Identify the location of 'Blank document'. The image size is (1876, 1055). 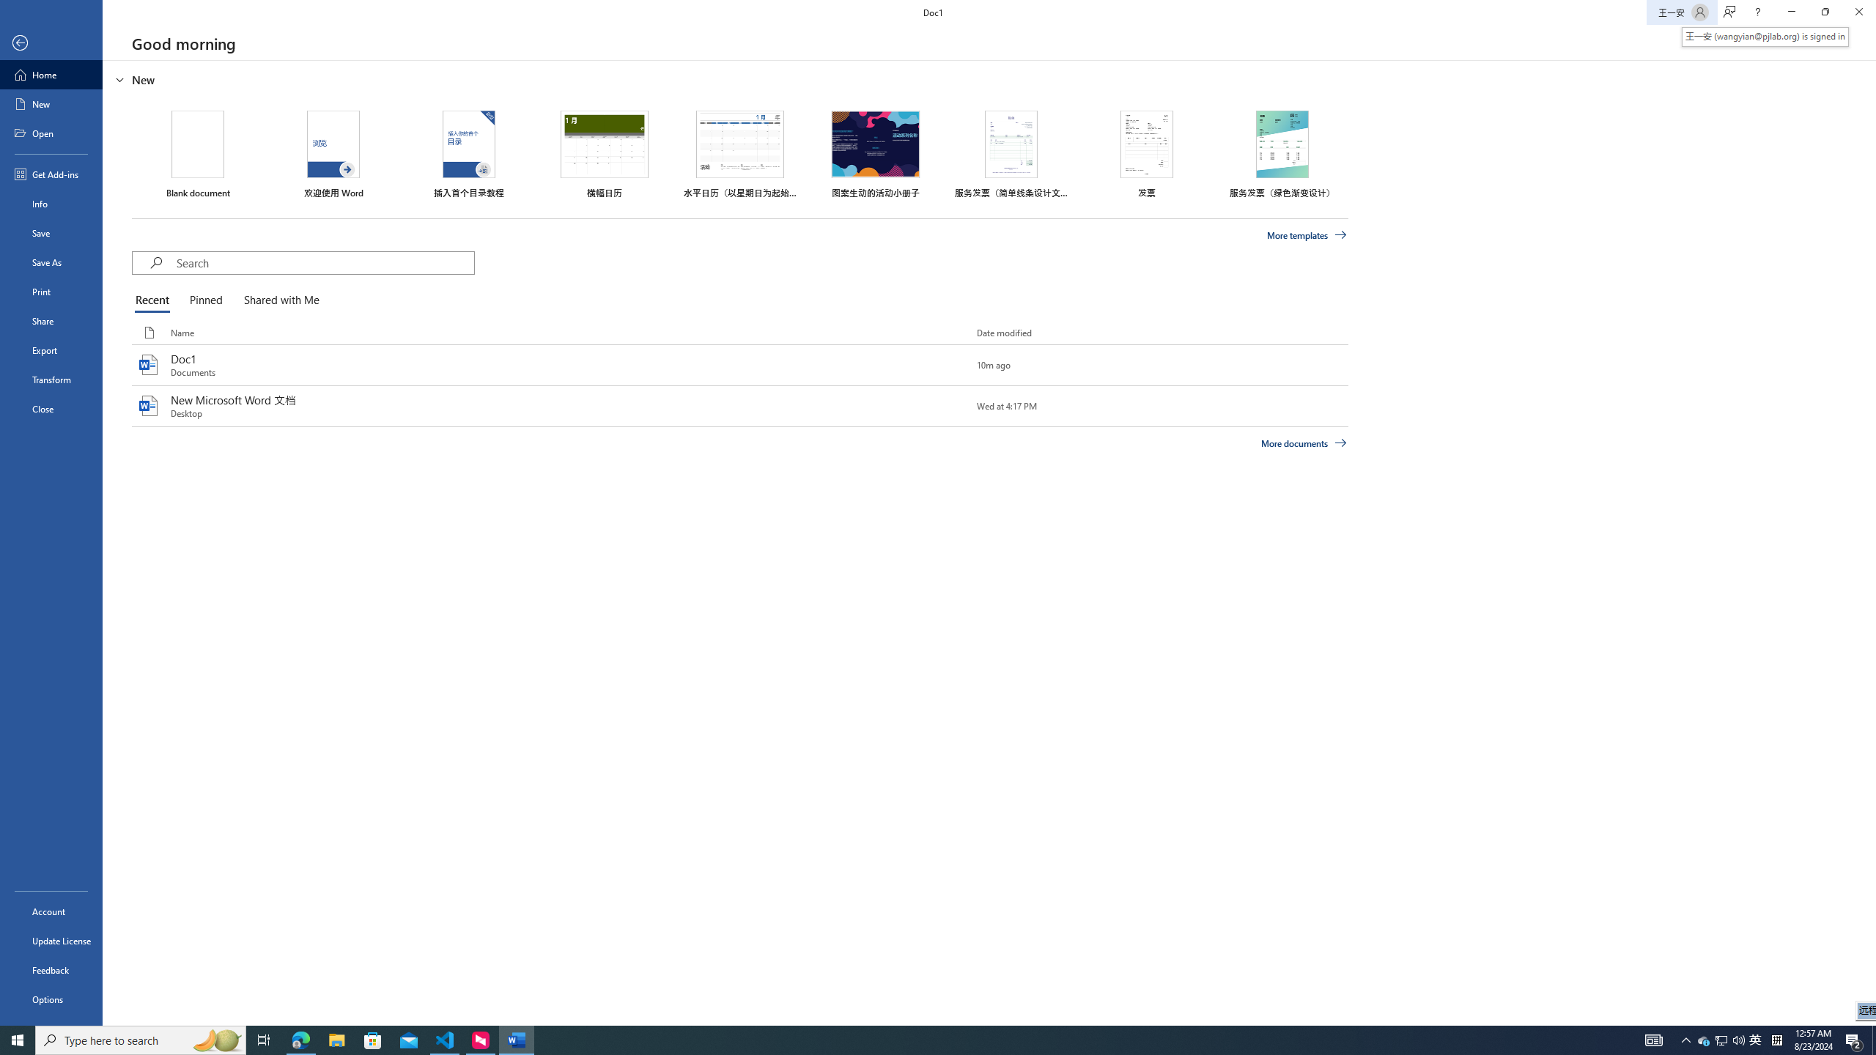
(197, 154).